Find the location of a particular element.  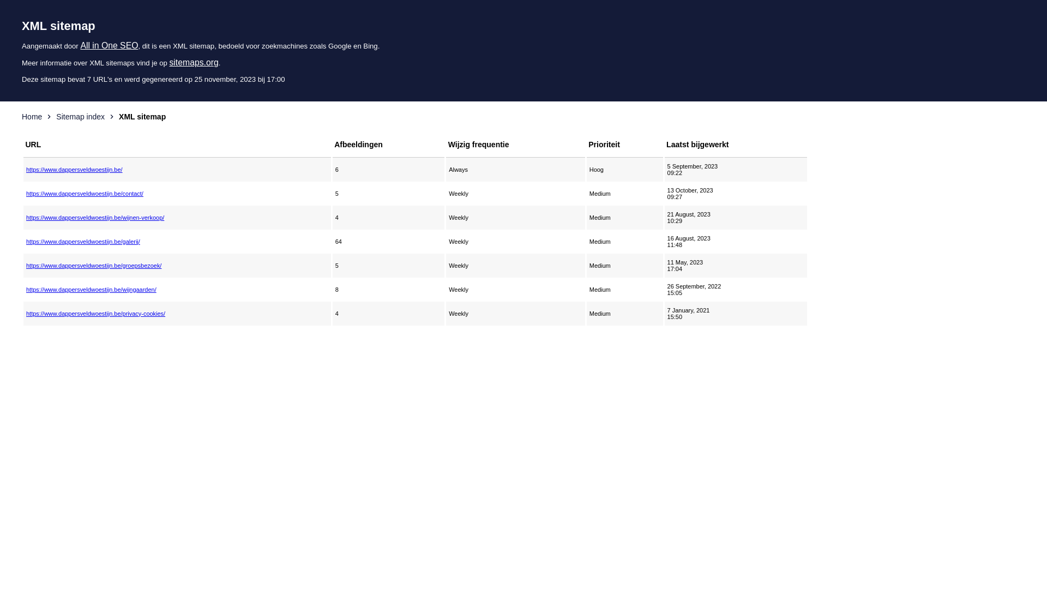

'All in One SEO' is located at coordinates (109, 45).